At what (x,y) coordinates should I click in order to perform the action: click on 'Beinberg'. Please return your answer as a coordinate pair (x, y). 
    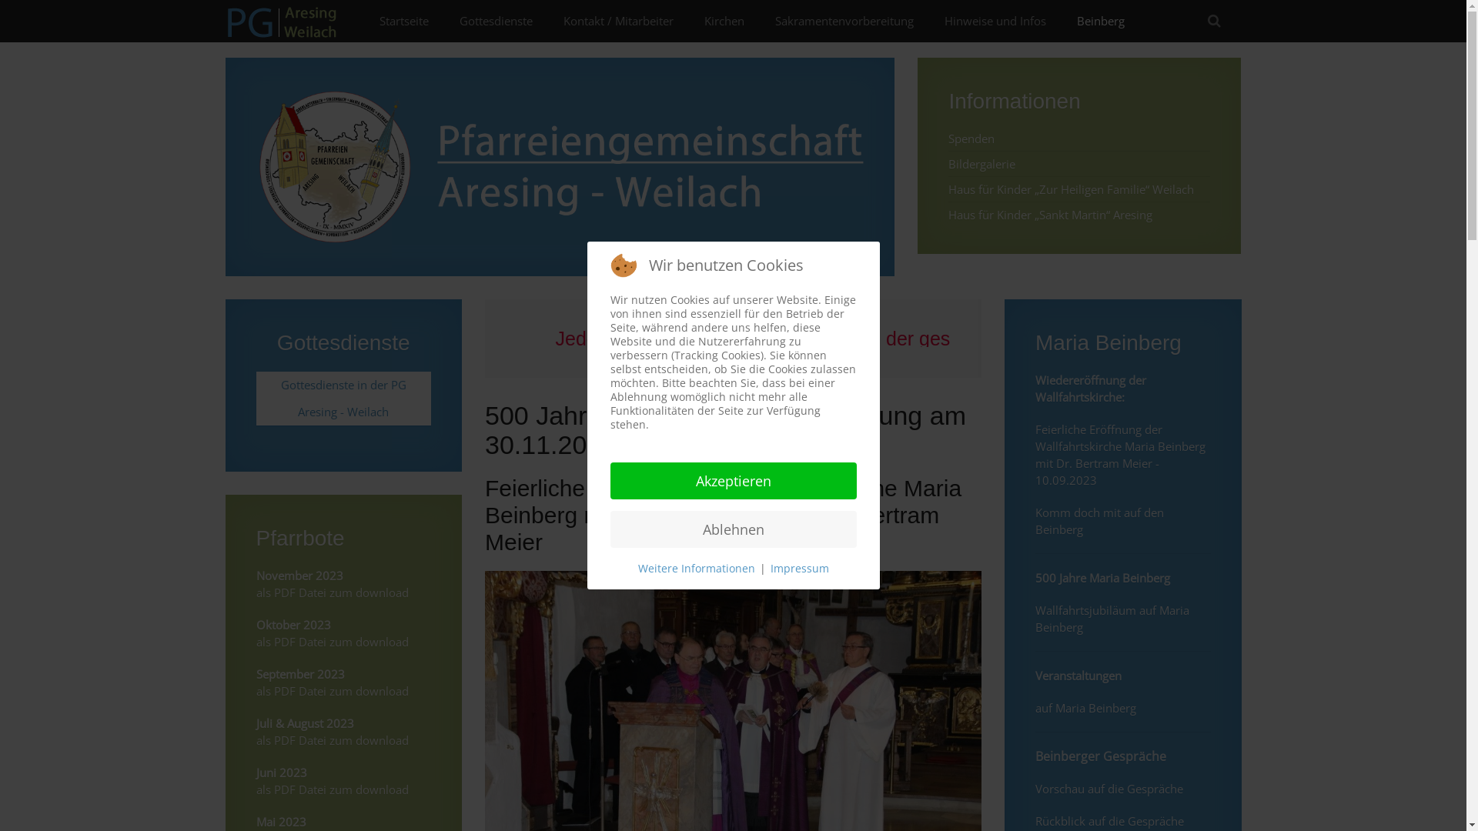
    Looking at the image, I should click on (1099, 21).